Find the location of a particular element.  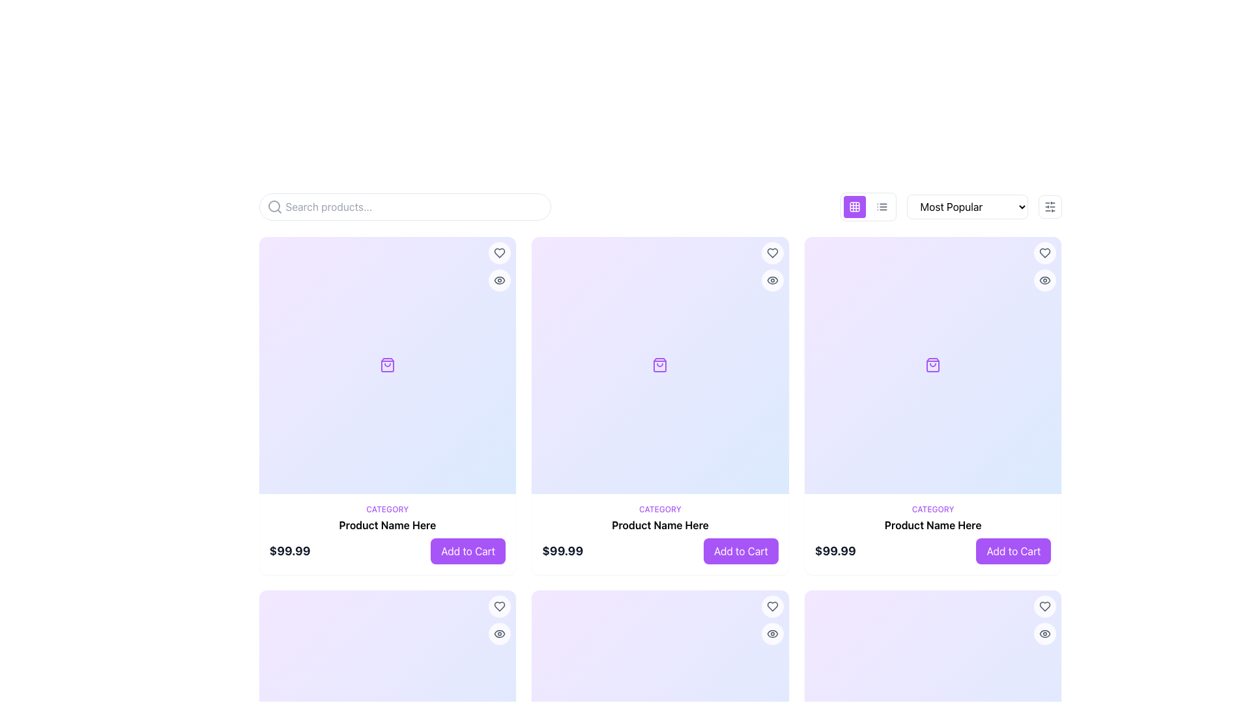

the button group containing 'like/favorite' and 'view' buttons located at the top-right corner of the product card is located at coordinates (772, 266).